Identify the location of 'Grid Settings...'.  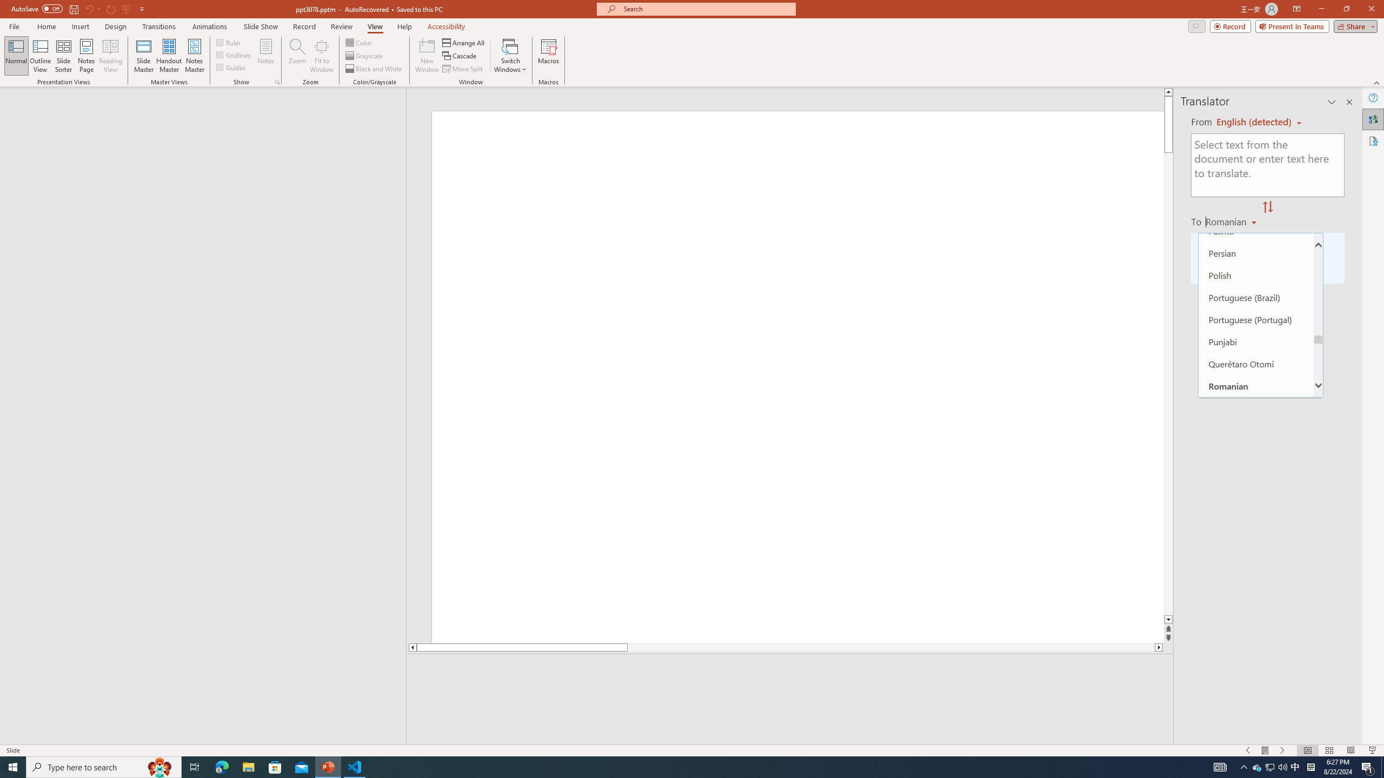
(277, 81).